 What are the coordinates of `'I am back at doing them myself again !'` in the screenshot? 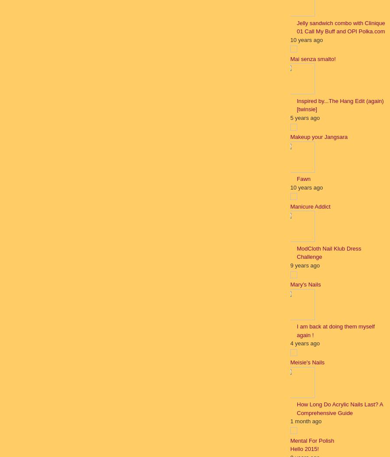 It's located at (335, 330).